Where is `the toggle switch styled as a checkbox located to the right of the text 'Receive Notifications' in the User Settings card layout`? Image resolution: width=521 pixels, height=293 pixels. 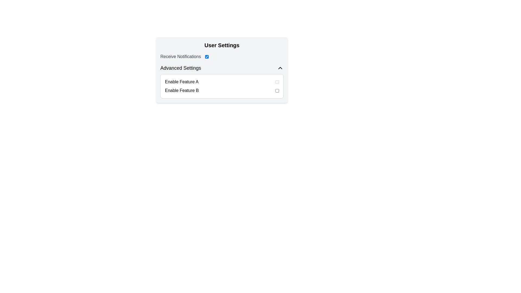
the toggle switch styled as a checkbox located to the right of the text 'Receive Notifications' in the User Settings card layout is located at coordinates (207, 56).